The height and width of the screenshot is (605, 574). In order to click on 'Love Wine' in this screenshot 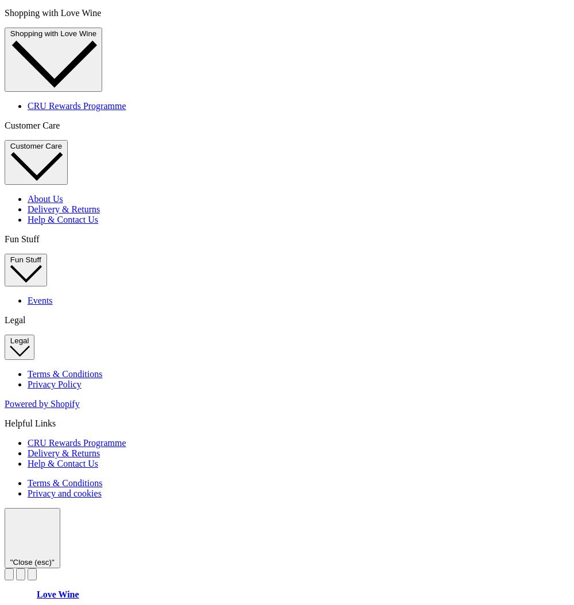, I will do `click(57, 593)`.